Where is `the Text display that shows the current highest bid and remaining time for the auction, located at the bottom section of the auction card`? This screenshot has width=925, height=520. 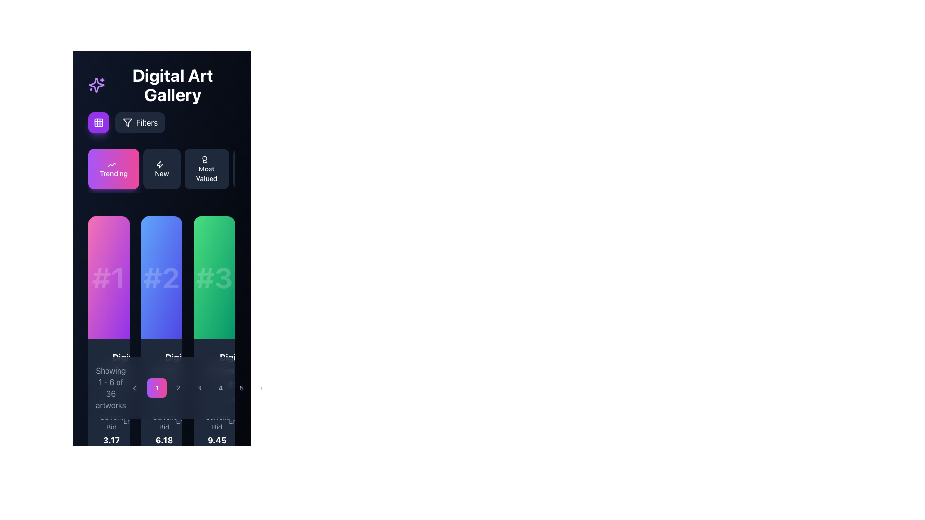
the Text display that shows the current highest bid and remaining time for the auction, located at the bottom section of the auction card is located at coordinates (108, 436).